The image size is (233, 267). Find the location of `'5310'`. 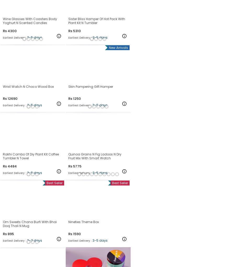

'5310' is located at coordinates (76, 31).